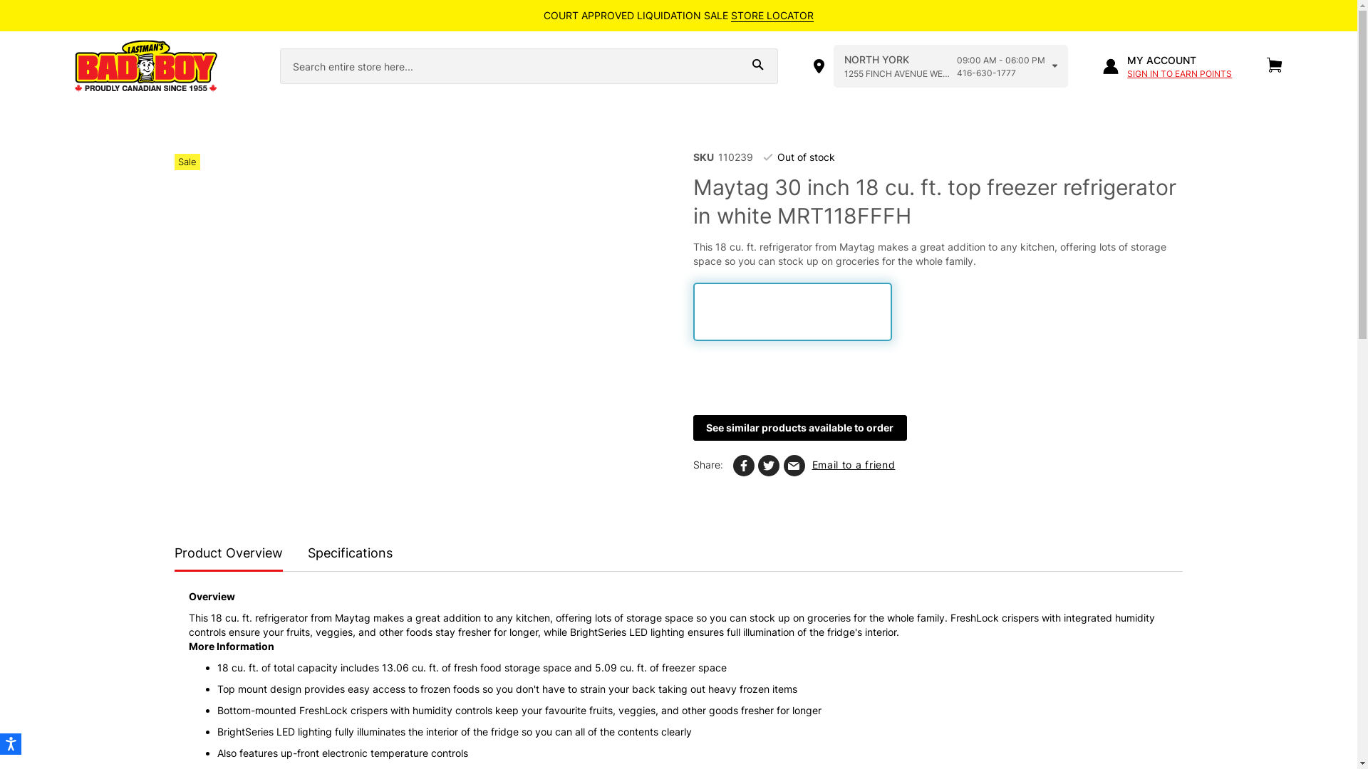  I want to click on 'Lastman's Bad Boy', so click(73, 66).